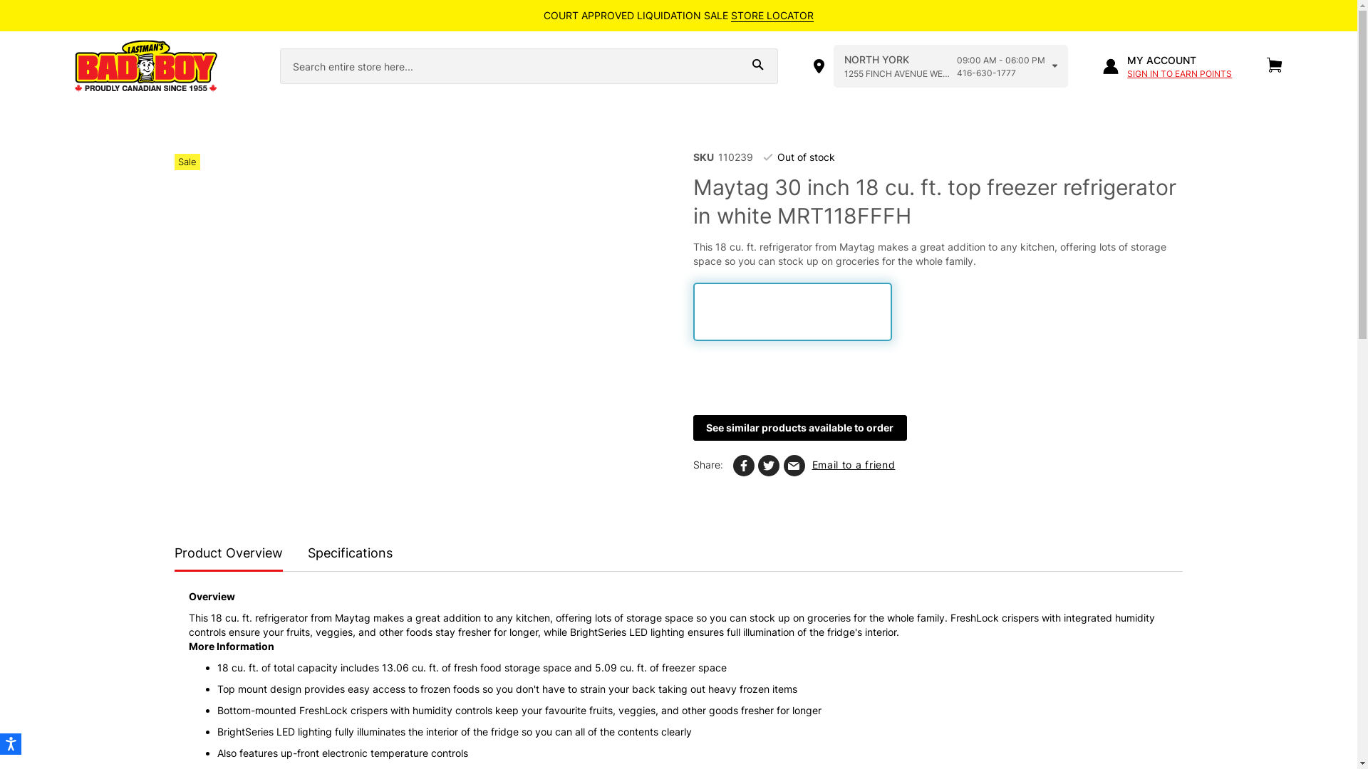  I want to click on 'Lastman's Bad Boy', so click(73, 66).